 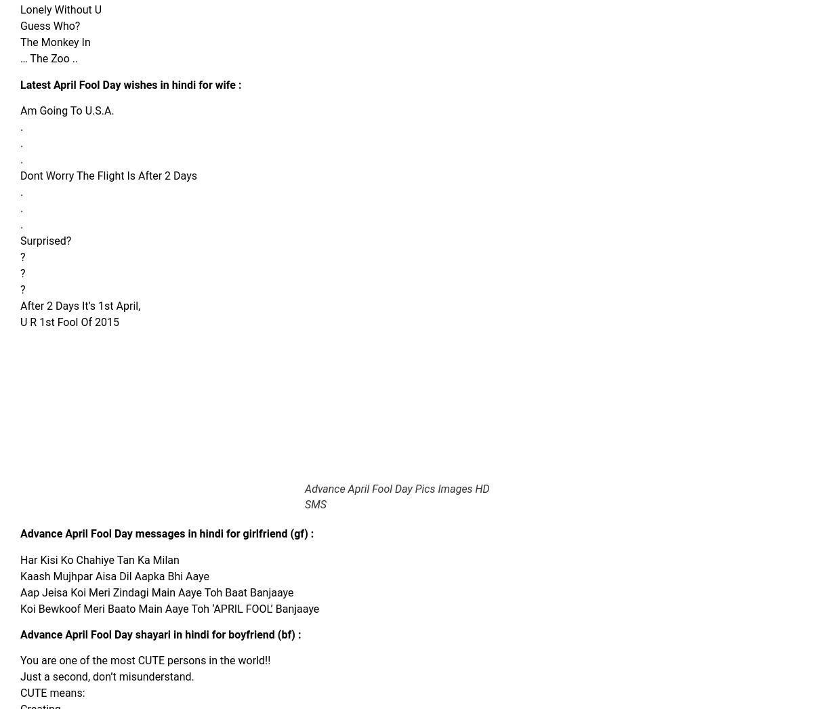 I want to click on 'Lonely Without U', so click(x=61, y=9).